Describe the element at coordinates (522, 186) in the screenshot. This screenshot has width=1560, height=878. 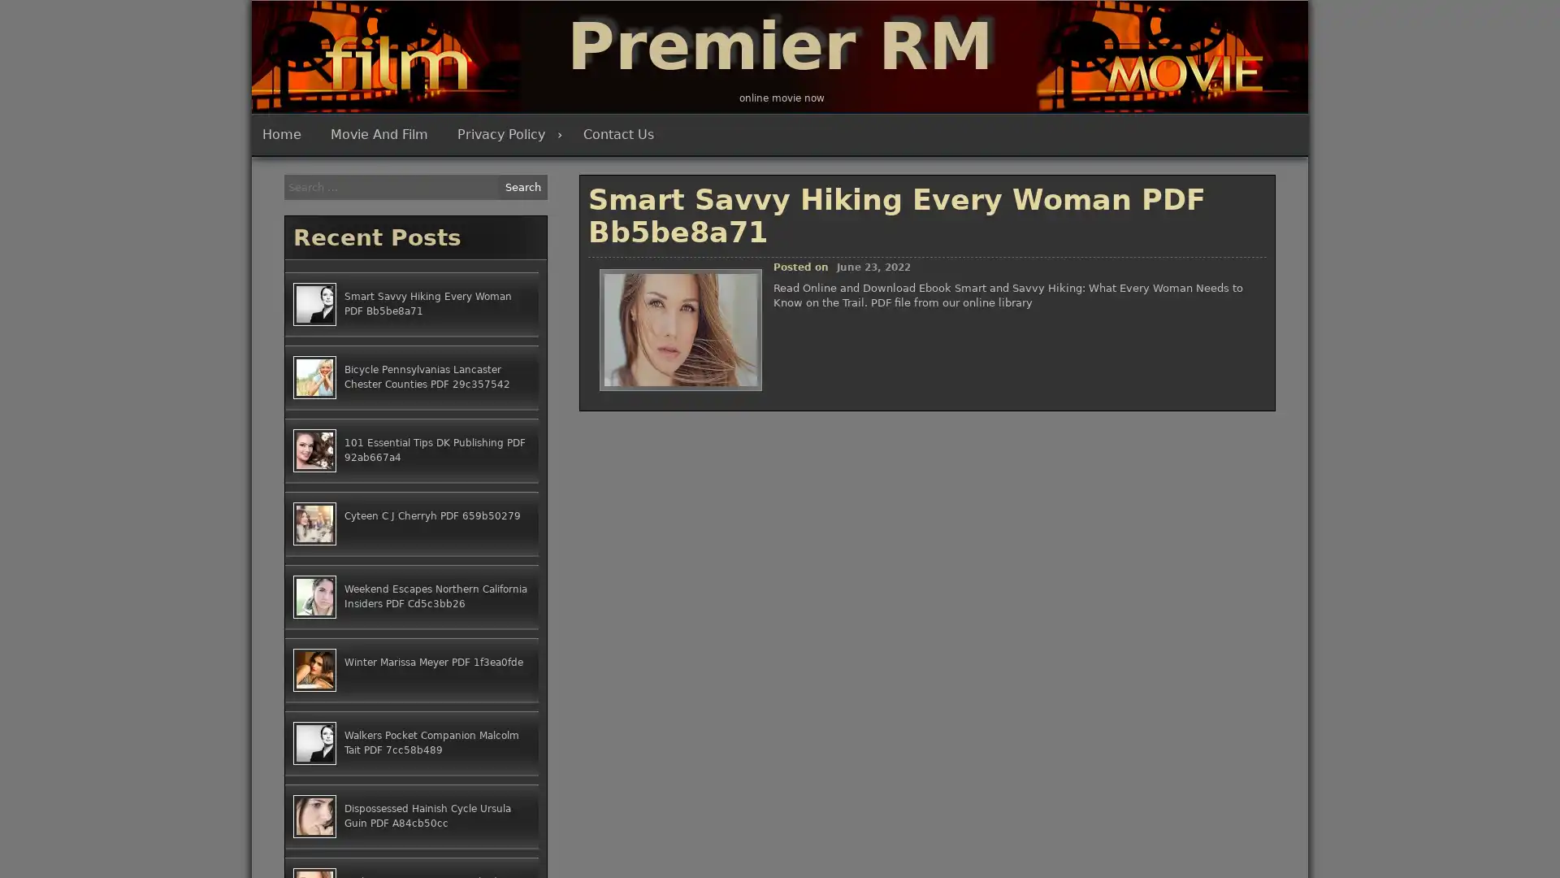
I see `Search` at that location.